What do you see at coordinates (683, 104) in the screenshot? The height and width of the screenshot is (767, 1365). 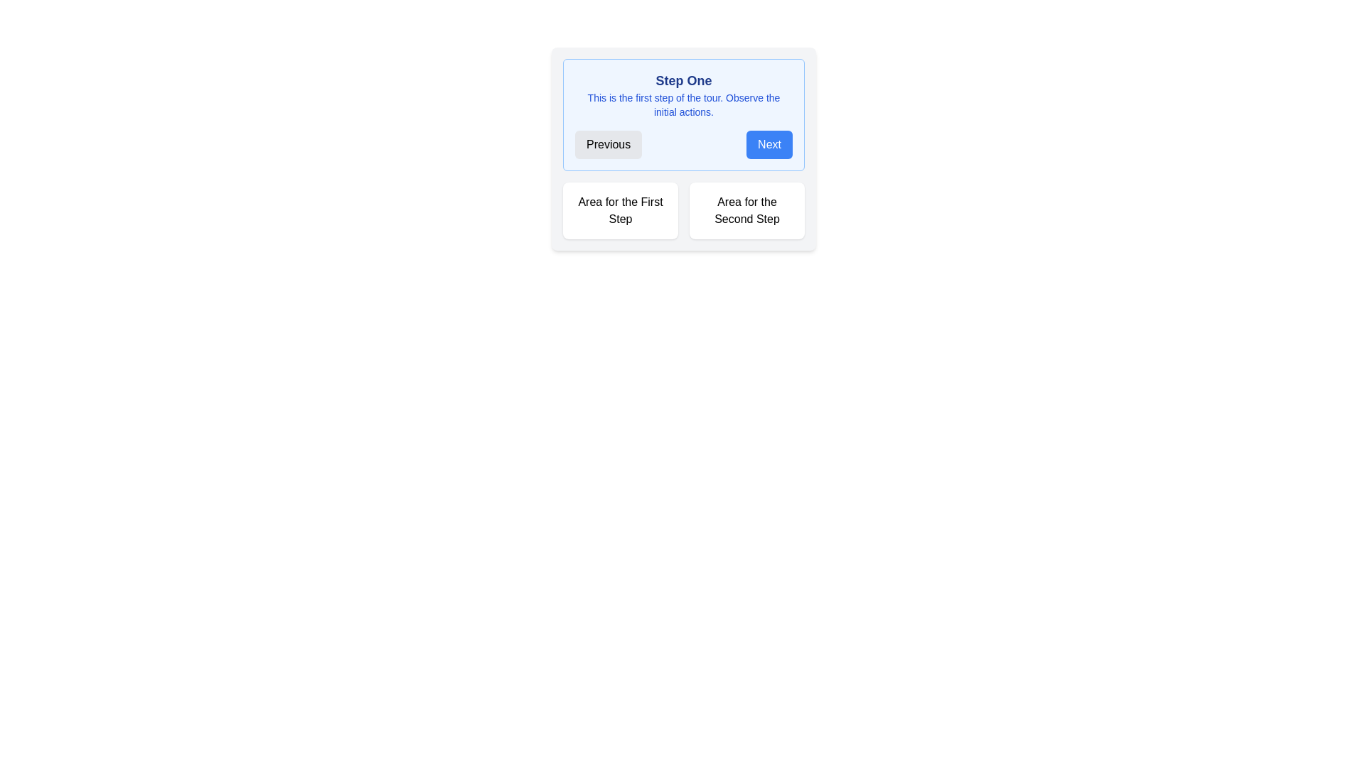 I see `the informational text displaying 'This is the first step of the tour. Observe the initial actions.' which is located below the 'Step One' header in the step guidance section` at bounding box center [683, 104].